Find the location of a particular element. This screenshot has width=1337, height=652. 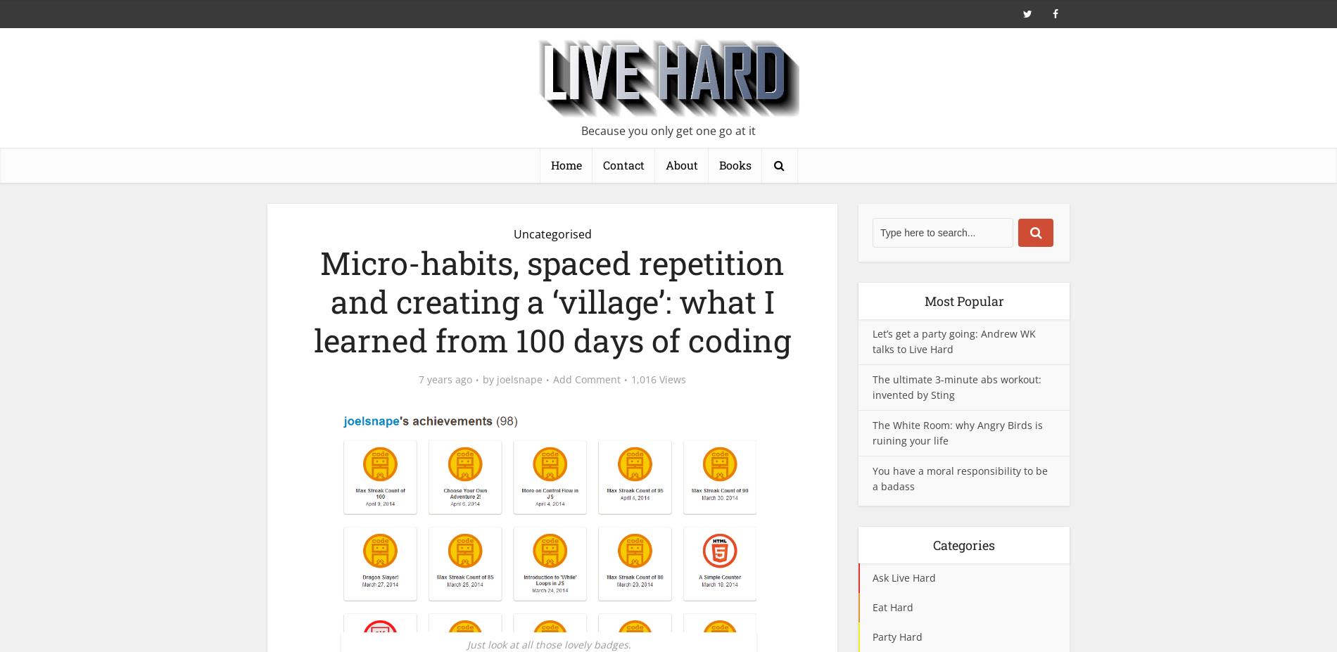

'Uncategorised' is located at coordinates (551, 233).